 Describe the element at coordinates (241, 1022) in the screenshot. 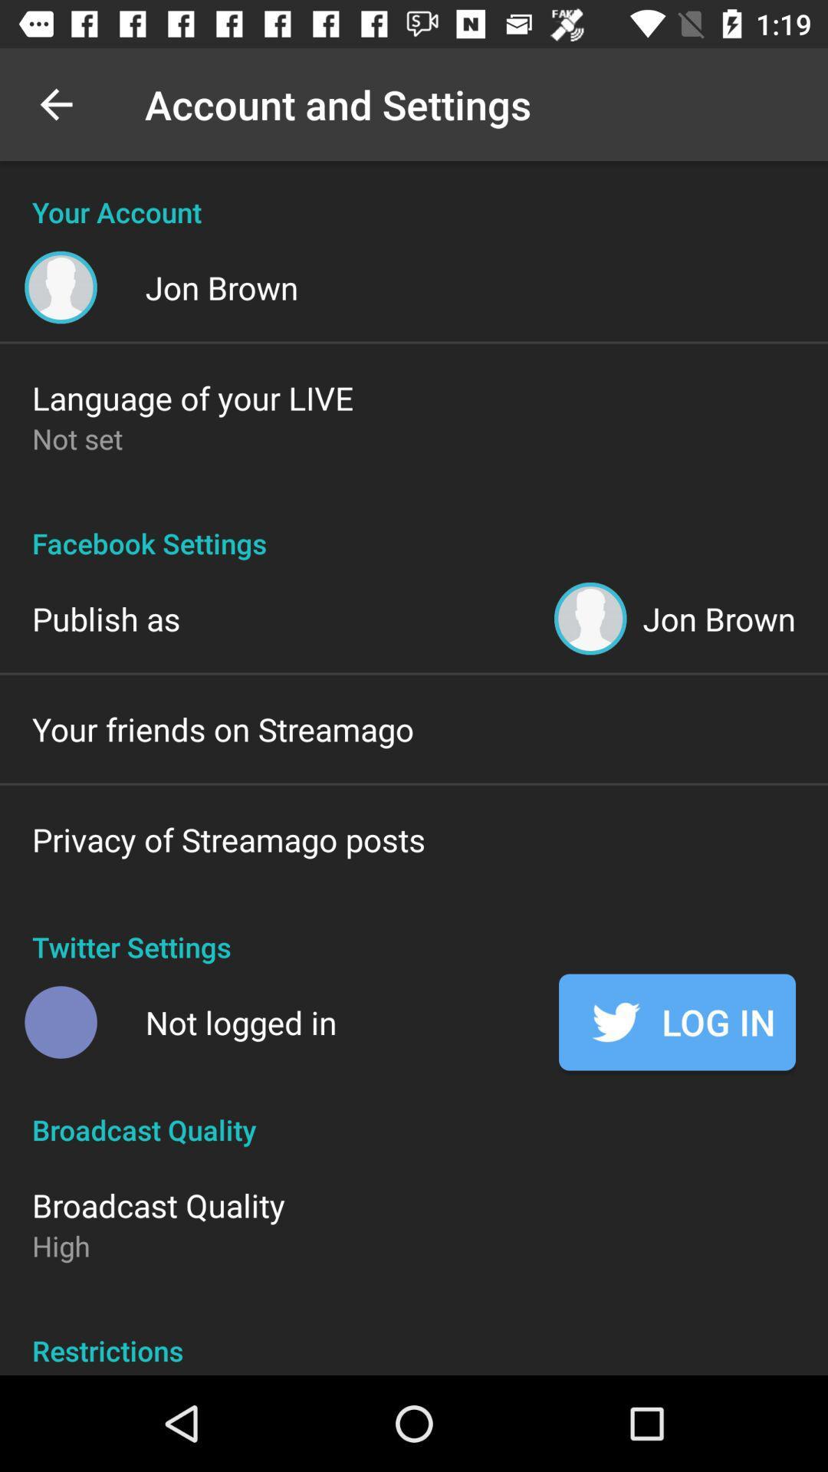

I see `item to the left of the log in item` at that location.